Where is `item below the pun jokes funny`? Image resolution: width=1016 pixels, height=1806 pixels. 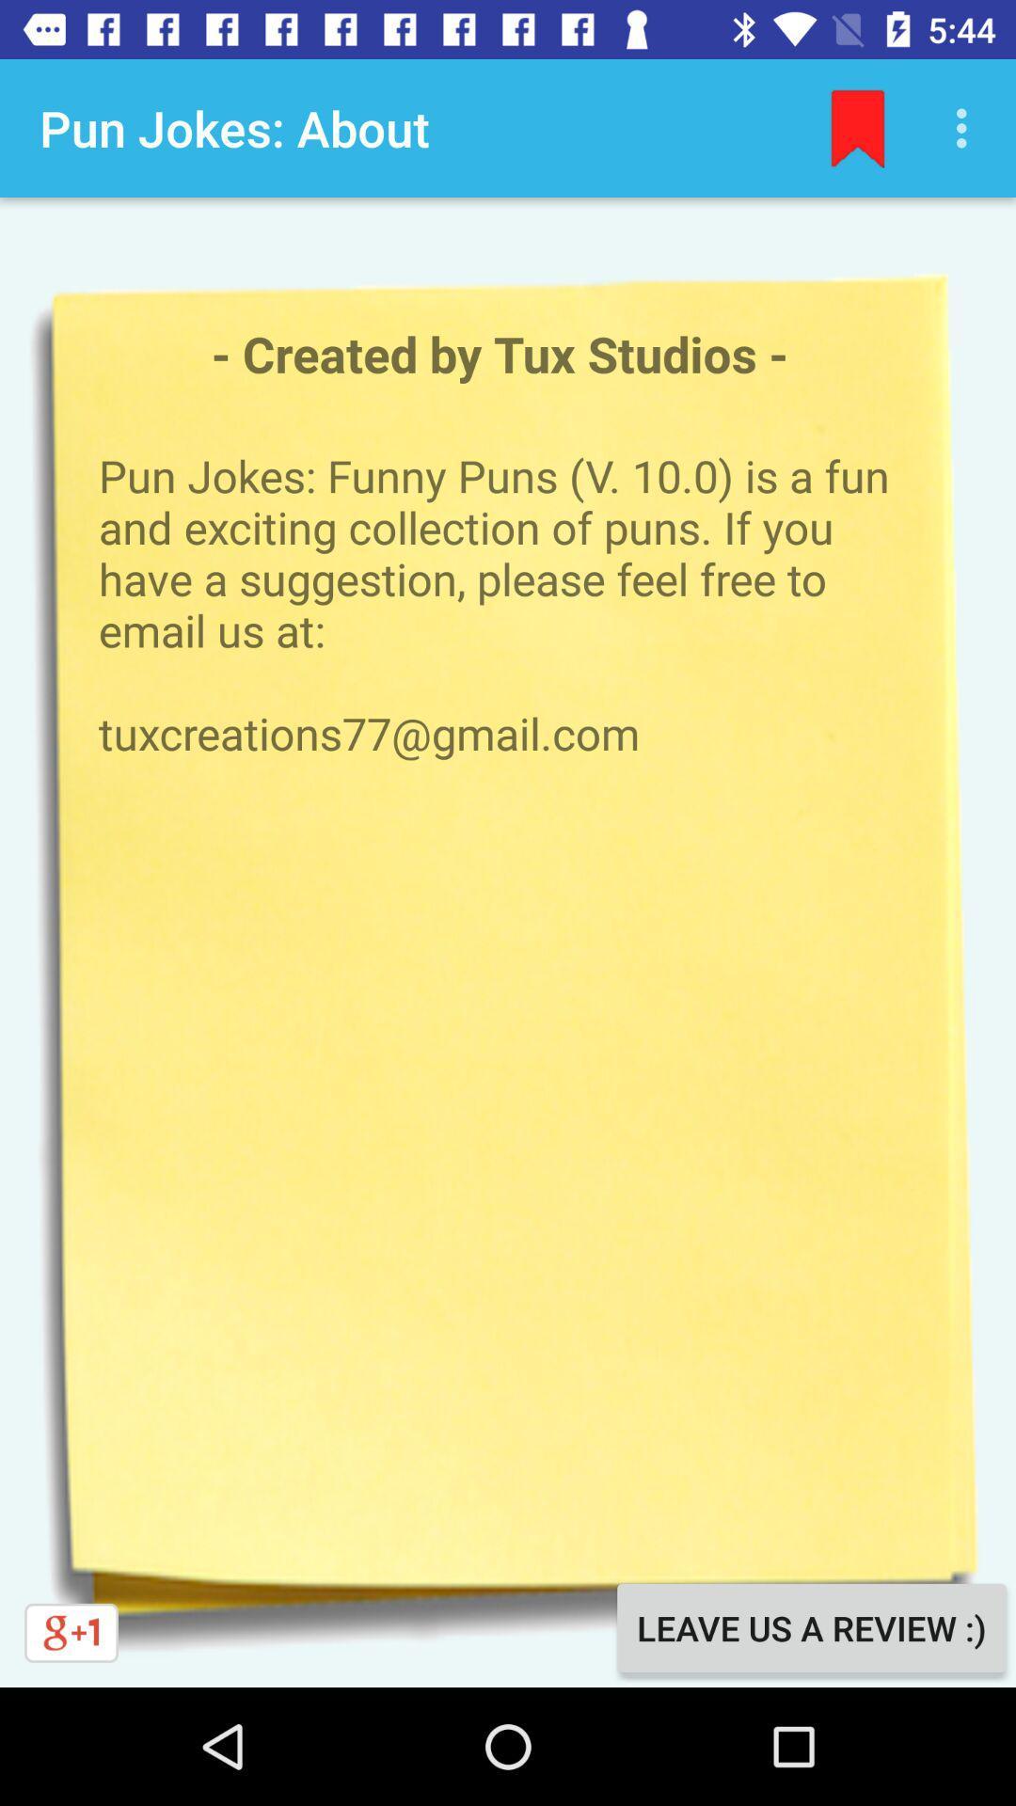
item below the pun jokes funny is located at coordinates (810, 1627).